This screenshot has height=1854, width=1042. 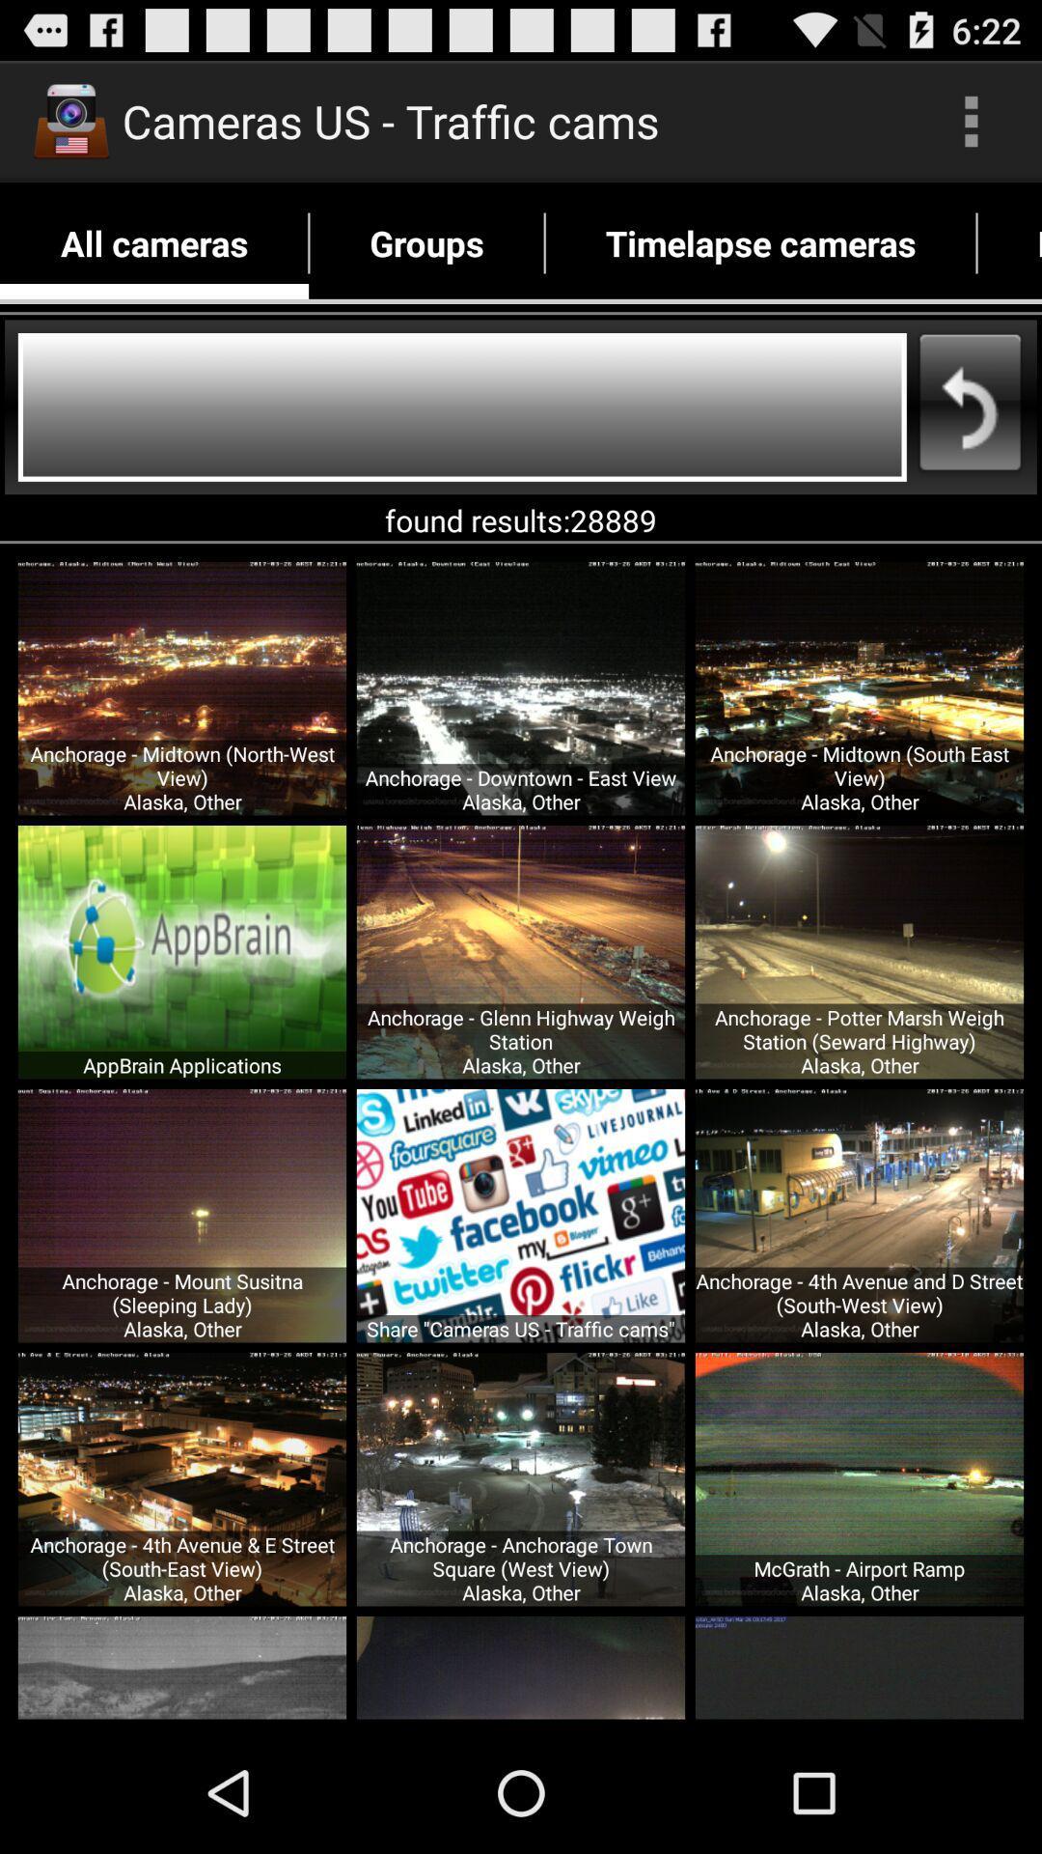 I want to click on groups app, so click(x=425, y=242).